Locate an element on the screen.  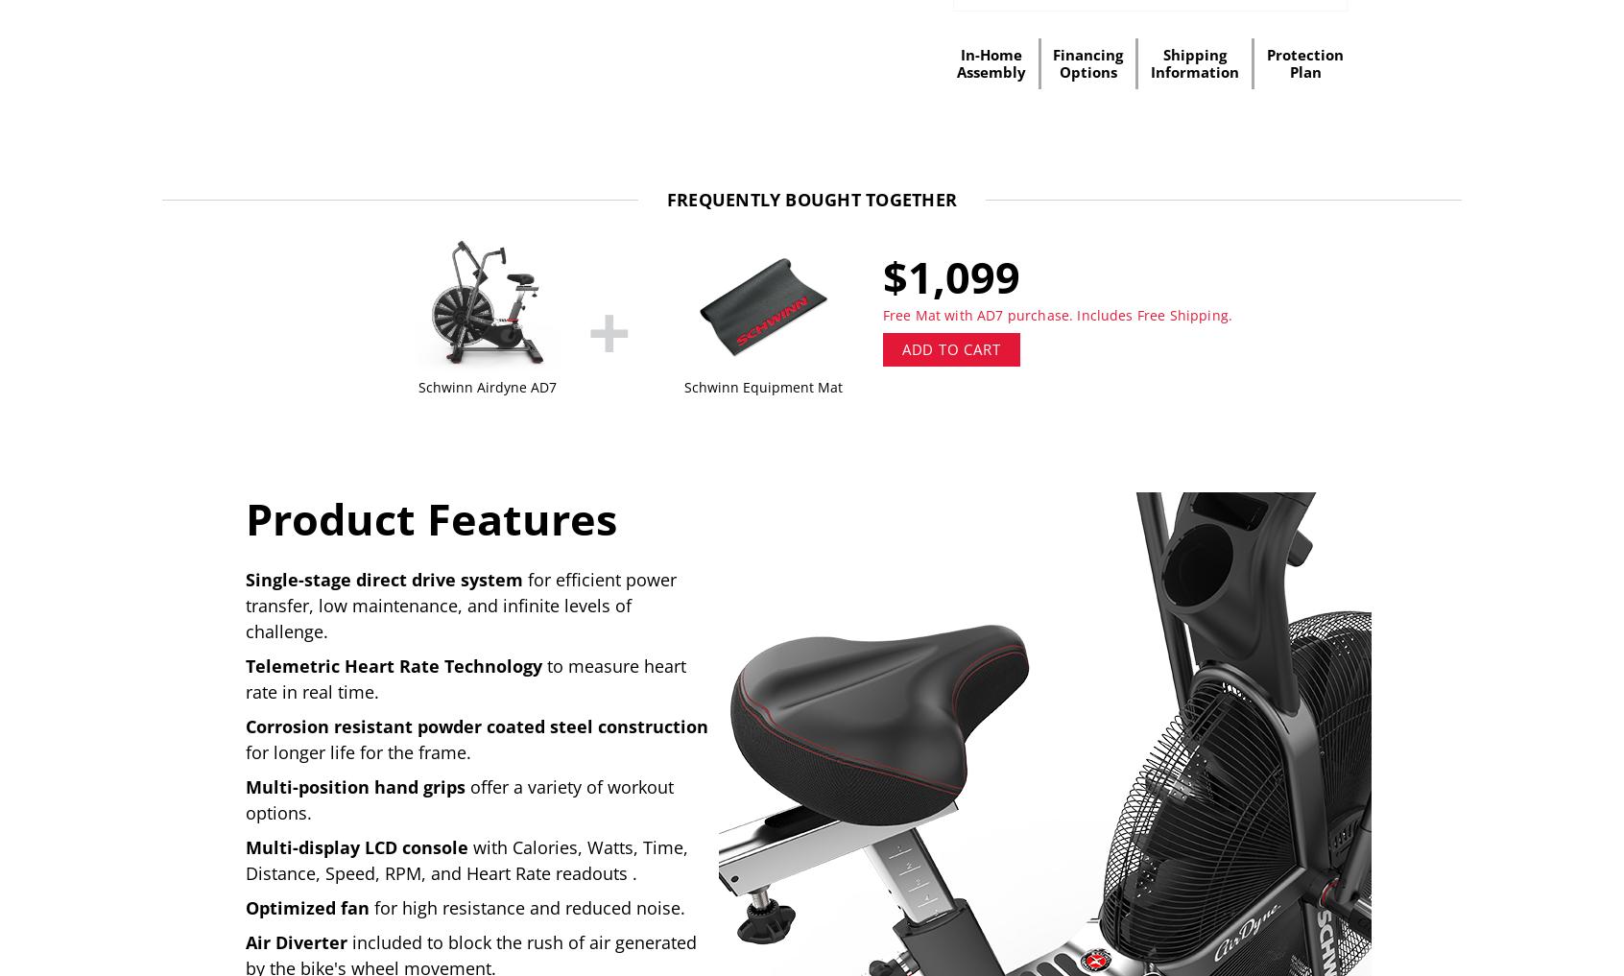
'Add to Cart' is located at coordinates (949, 347).